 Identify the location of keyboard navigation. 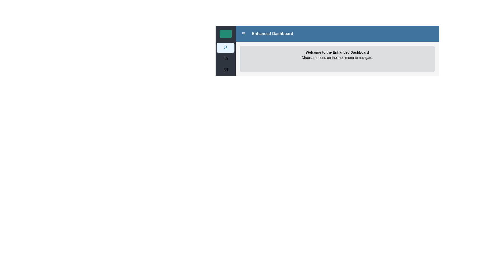
(225, 48).